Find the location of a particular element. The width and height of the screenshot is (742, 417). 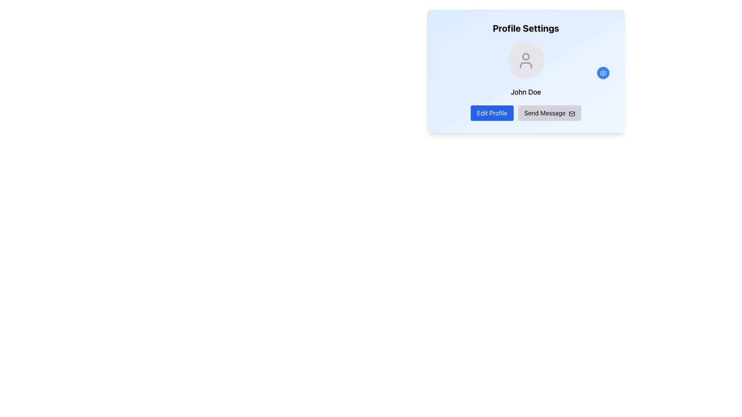

the Text Label displaying the user's name in the profile settings interface, located centrally below the avatar icon is located at coordinates (526, 92).